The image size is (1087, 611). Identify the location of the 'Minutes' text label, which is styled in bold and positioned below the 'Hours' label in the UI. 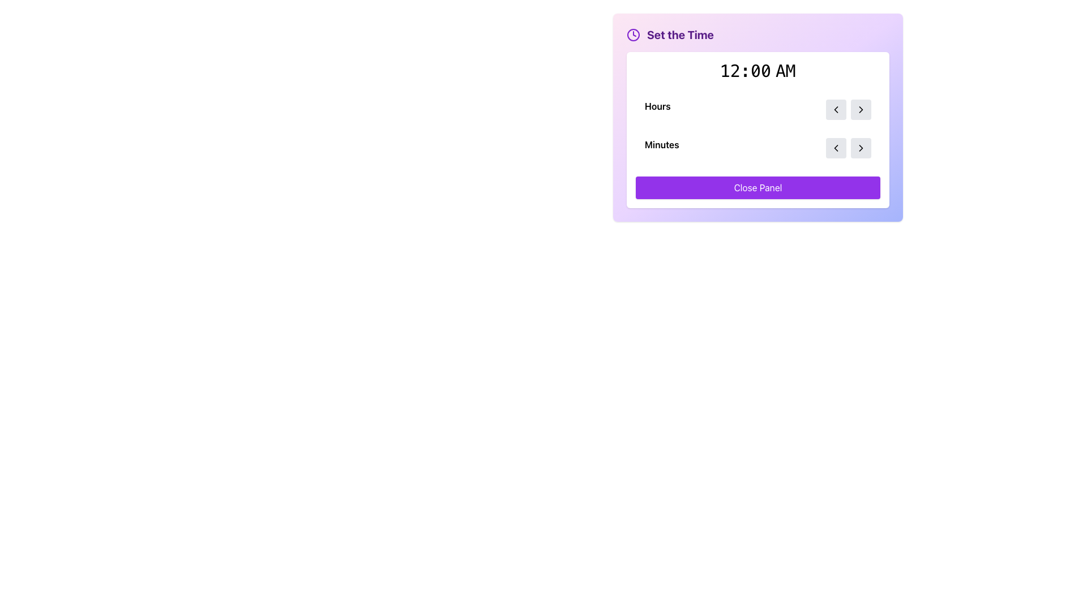
(662, 148).